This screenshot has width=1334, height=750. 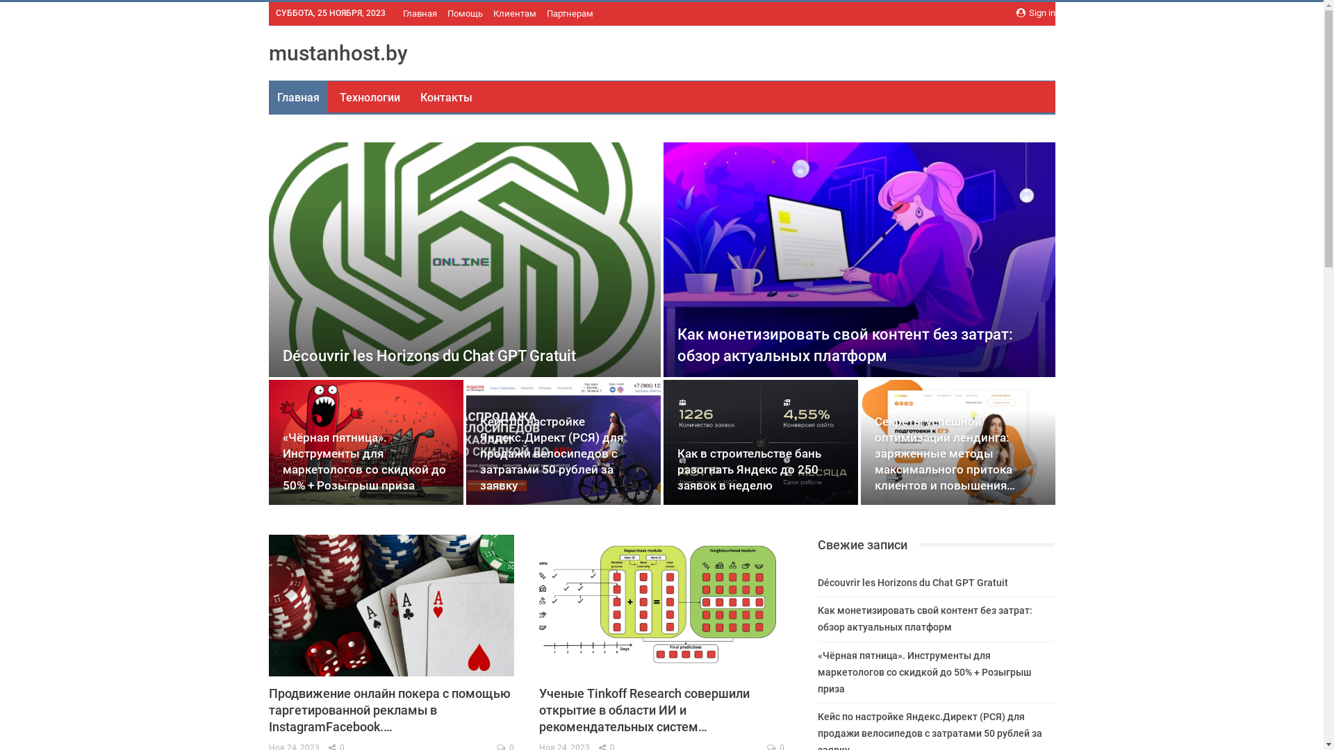 I want to click on 'mustanhost.by', so click(x=337, y=52).